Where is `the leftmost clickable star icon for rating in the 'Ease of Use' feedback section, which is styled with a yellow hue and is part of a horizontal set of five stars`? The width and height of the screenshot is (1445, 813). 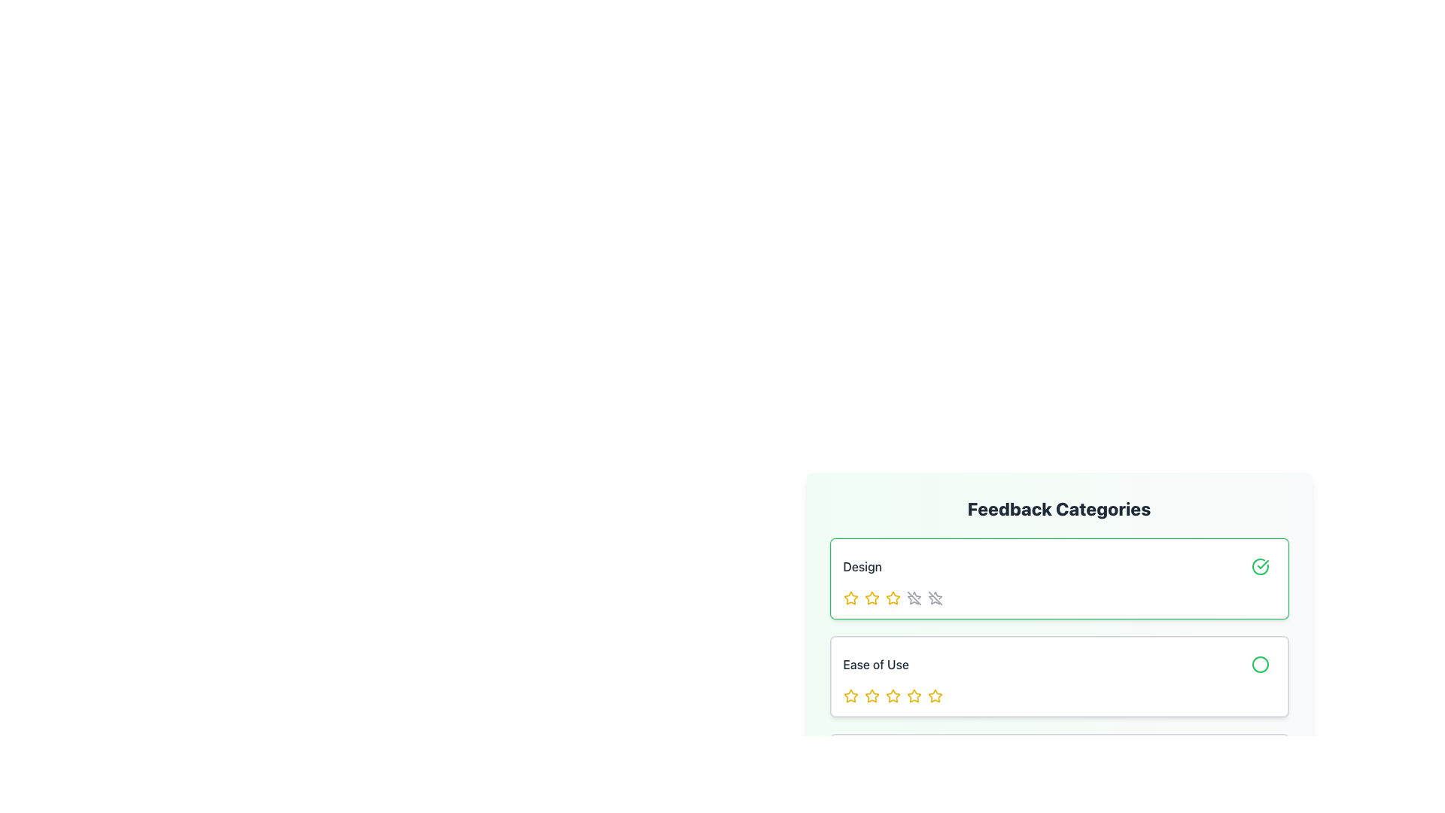
the leftmost clickable star icon for rating in the 'Ease of Use' feedback section, which is styled with a yellow hue and is part of a horizontal set of five stars is located at coordinates (850, 696).